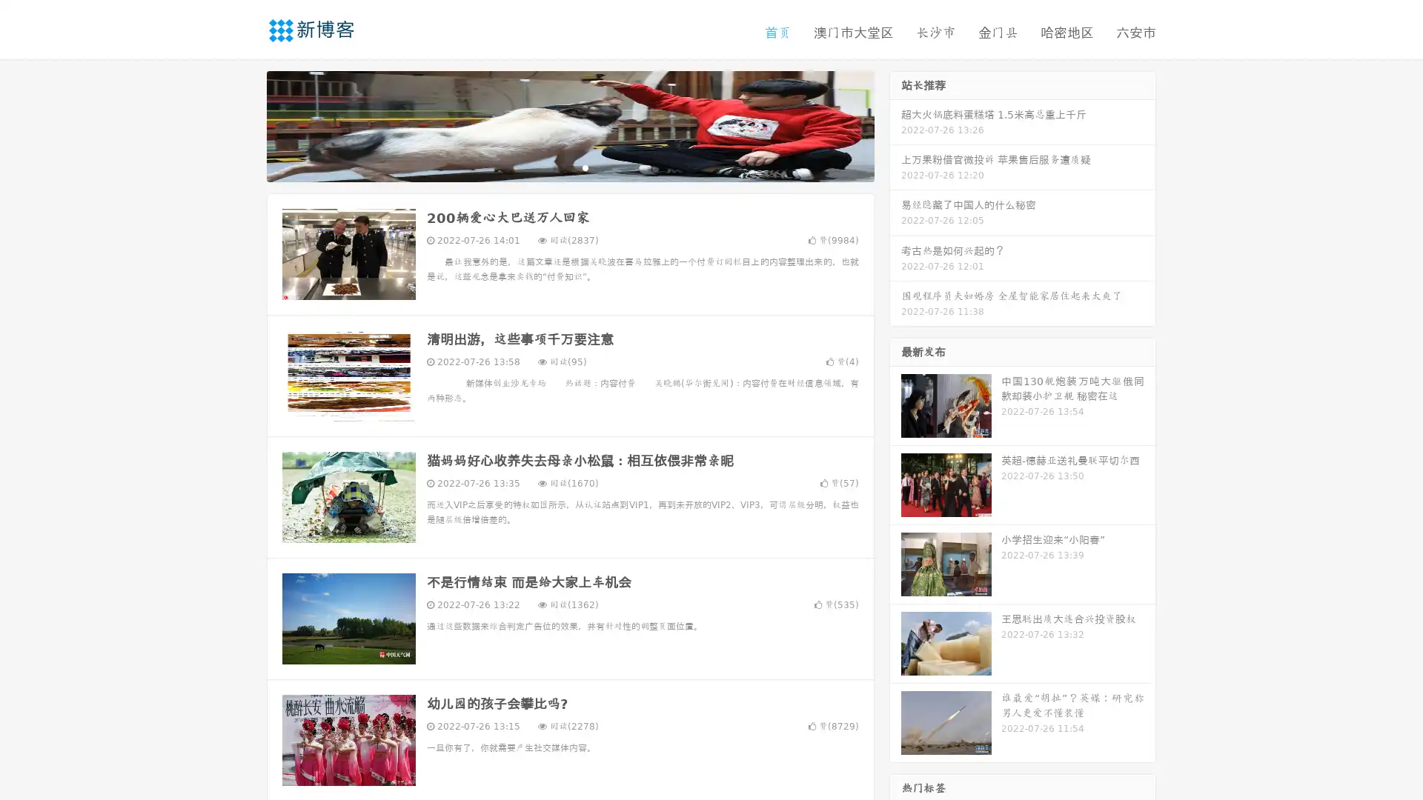  I want to click on Next slide, so click(895, 124).